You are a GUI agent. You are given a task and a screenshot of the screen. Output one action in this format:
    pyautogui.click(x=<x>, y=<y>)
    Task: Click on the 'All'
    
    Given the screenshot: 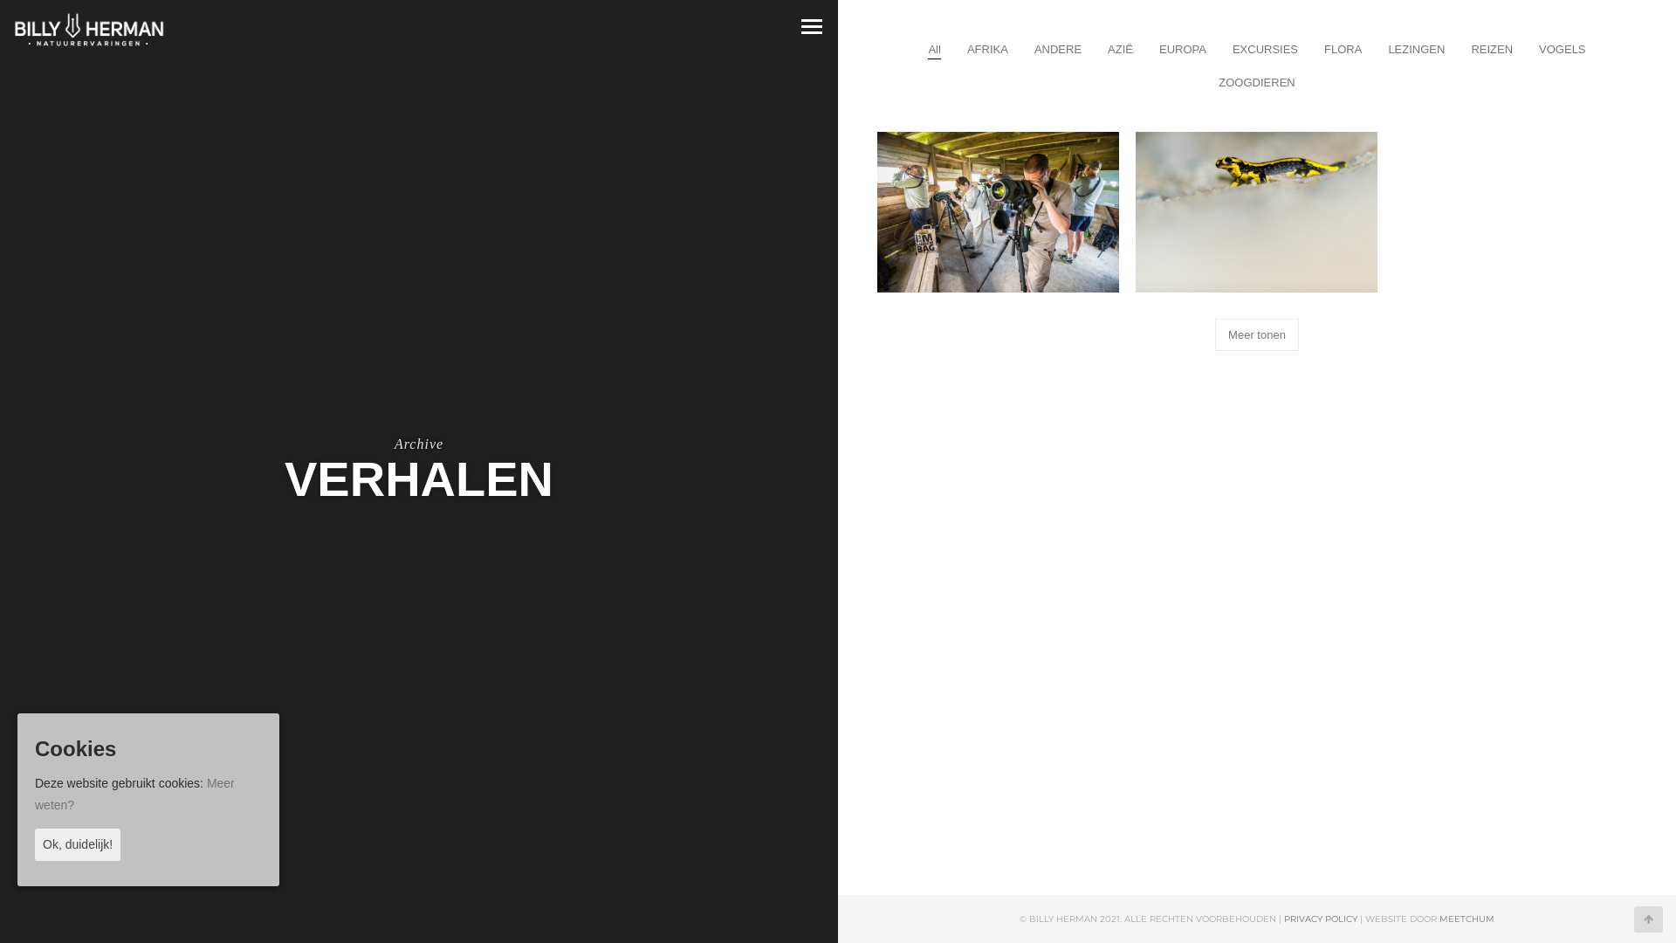 What is the action you would take?
    pyautogui.click(x=933, y=48)
    